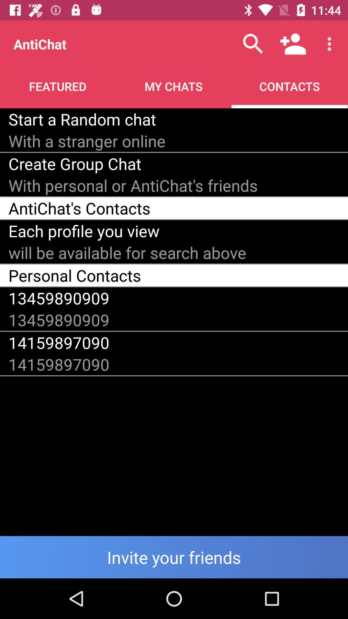 This screenshot has width=348, height=619. Describe the element at coordinates (74, 163) in the screenshot. I see `item above with personal or` at that location.